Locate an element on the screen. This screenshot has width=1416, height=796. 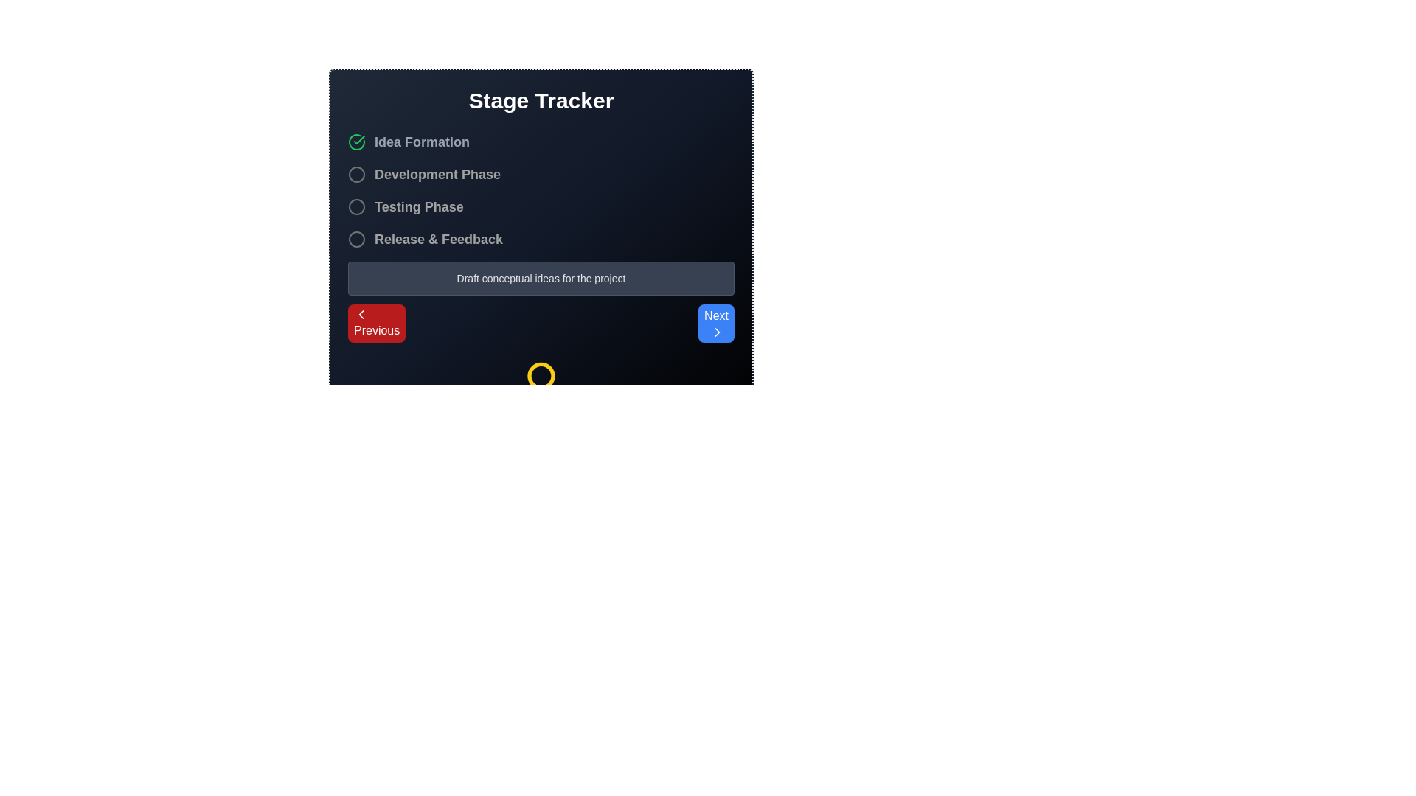
the leftmost red 'Previous' button with rounded corners and white text is located at coordinates (377, 323).